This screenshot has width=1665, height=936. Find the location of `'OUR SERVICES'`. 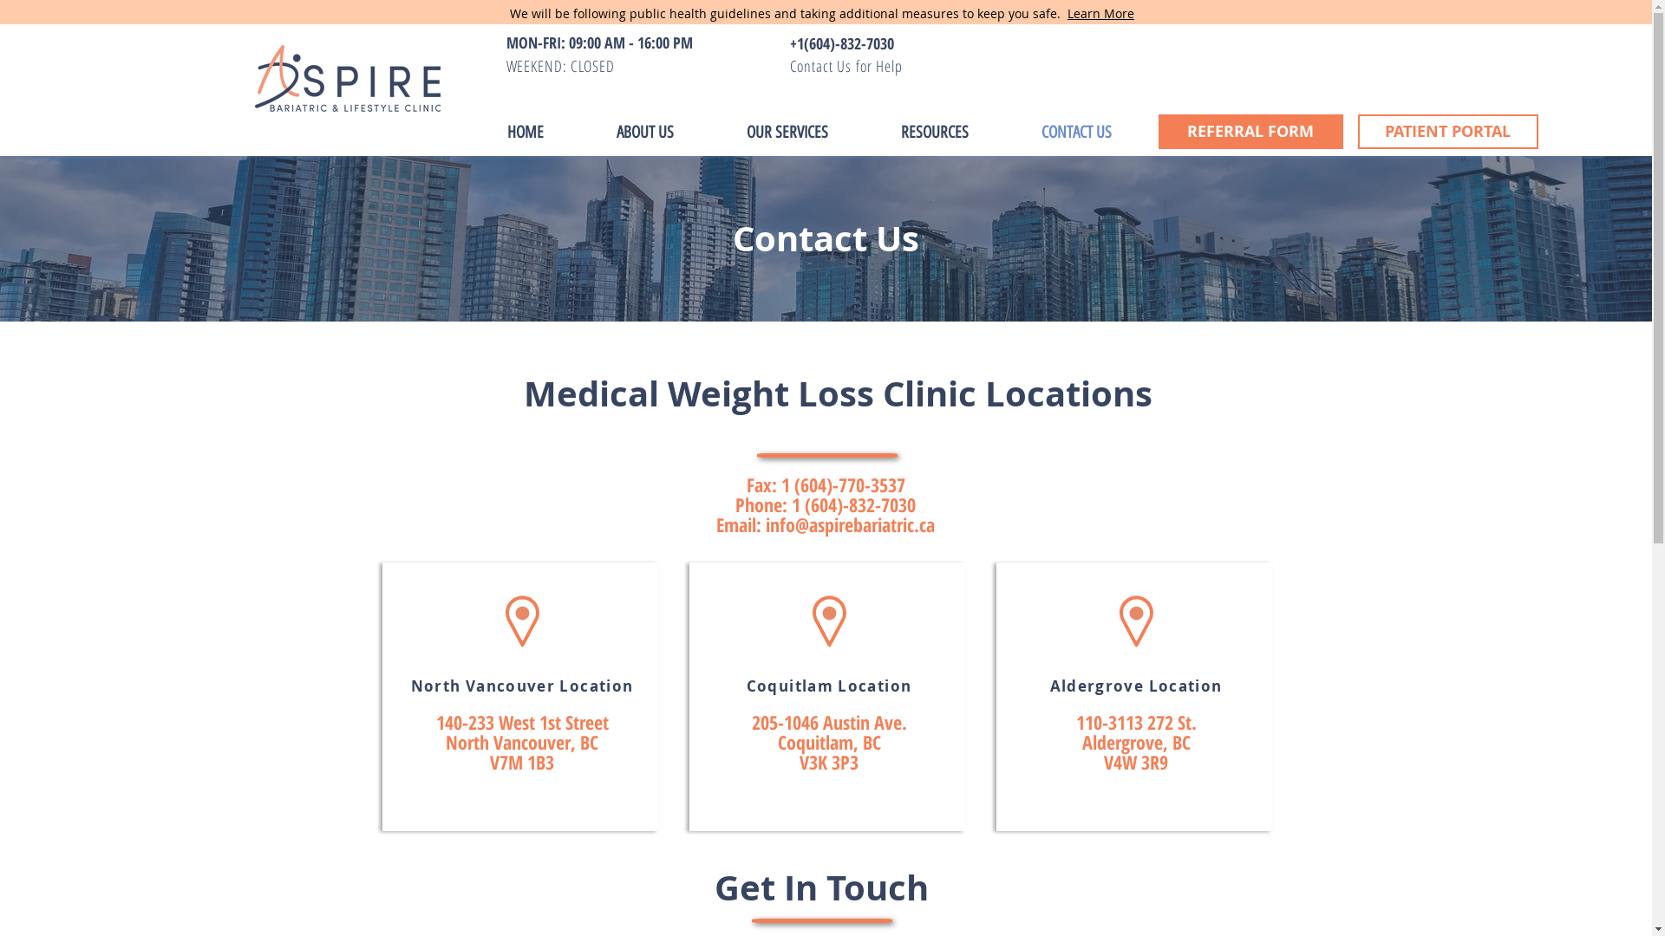

'OUR SERVICES' is located at coordinates (708, 132).